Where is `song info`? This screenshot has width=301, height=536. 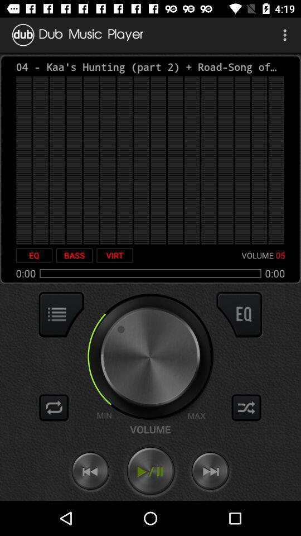 song info is located at coordinates (61, 314).